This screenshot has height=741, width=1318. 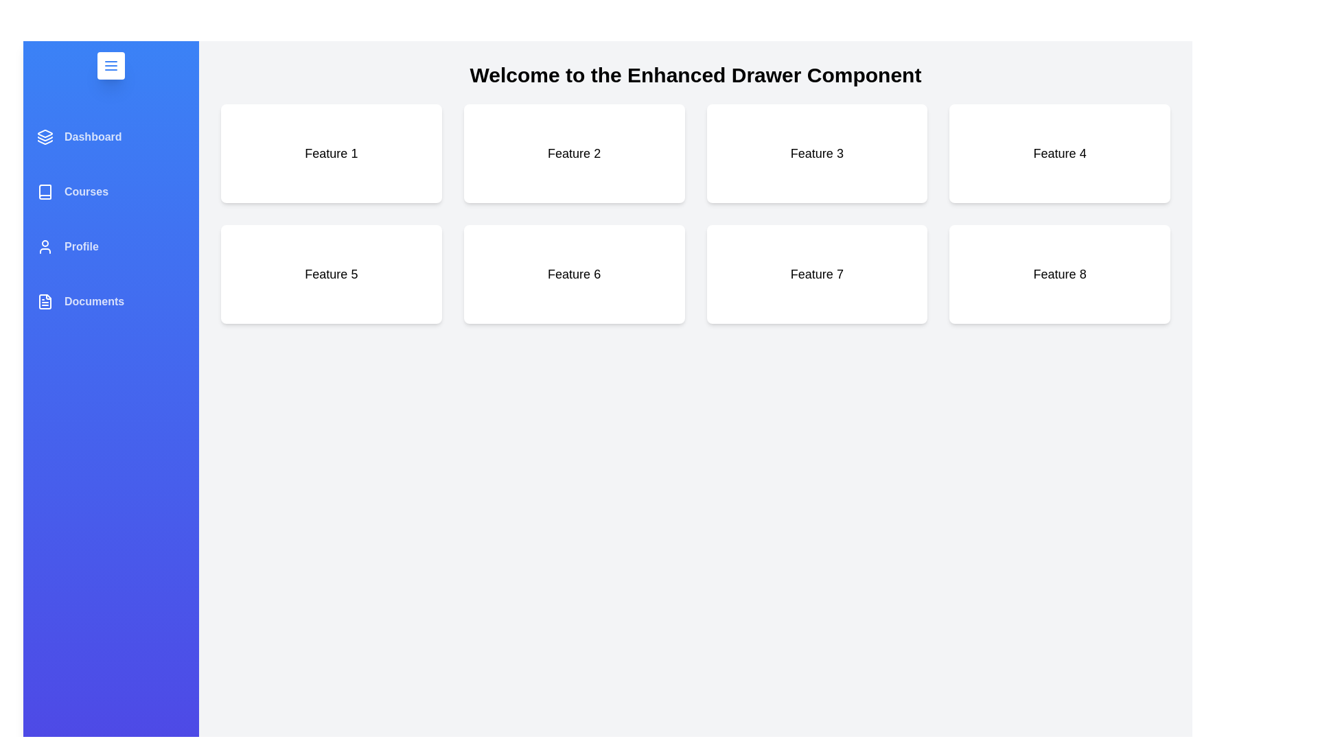 What do you see at coordinates (111, 66) in the screenshot?
I see `the menu button to toggle the drawer state` at bounding box center [111, 66].